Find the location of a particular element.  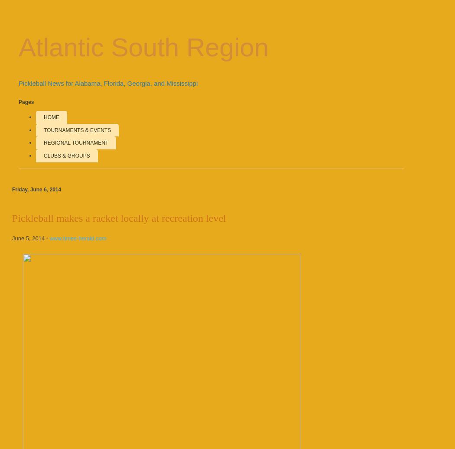

'Pages' is located at coordinates (26, 102).